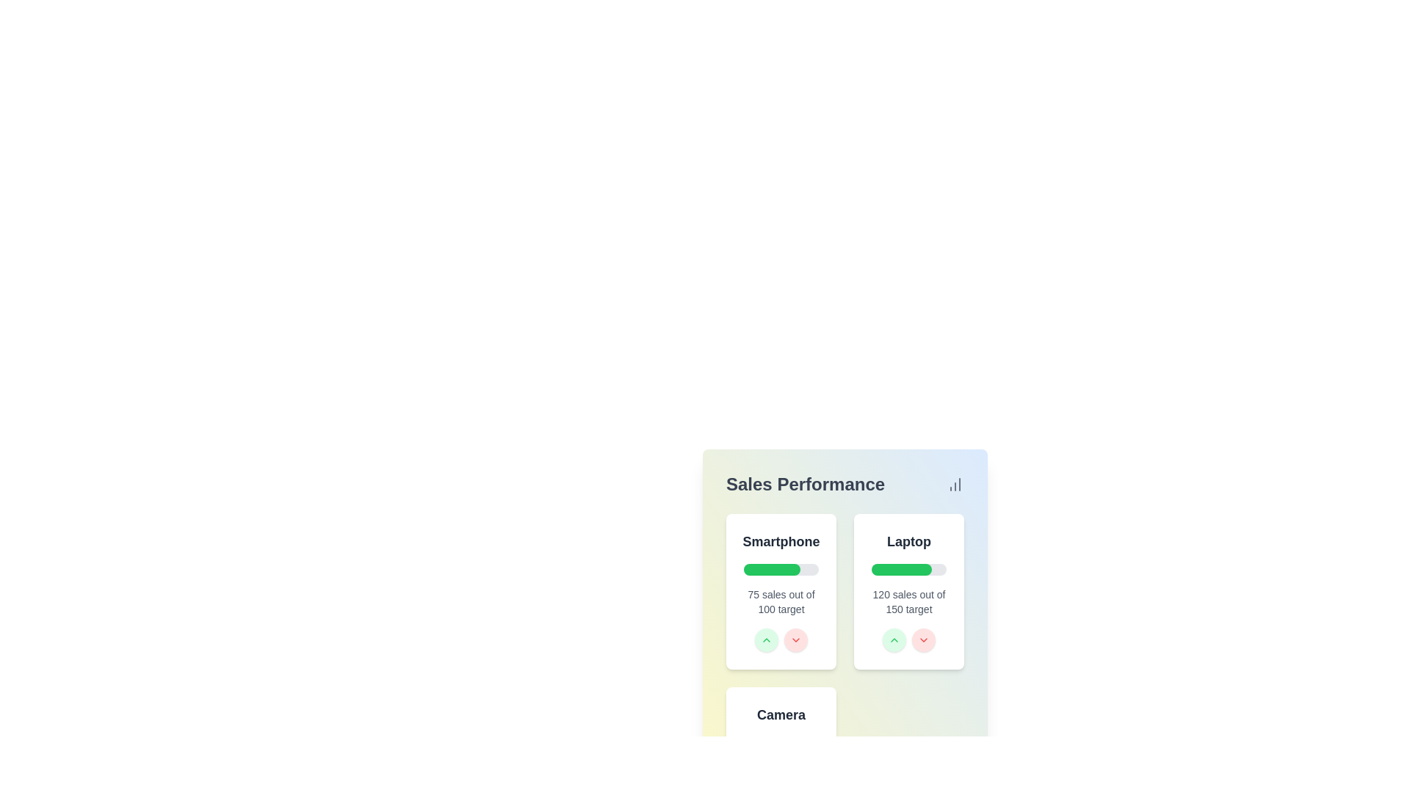 This screenshot has height=793, width=1410. Describe the element at coordinates (795, 639) in the screenshot. I see `the decrement button located directly below the green button with an upward chevron in the 'Sales Performance' section of the 'Smartphone' performance card` at that location.